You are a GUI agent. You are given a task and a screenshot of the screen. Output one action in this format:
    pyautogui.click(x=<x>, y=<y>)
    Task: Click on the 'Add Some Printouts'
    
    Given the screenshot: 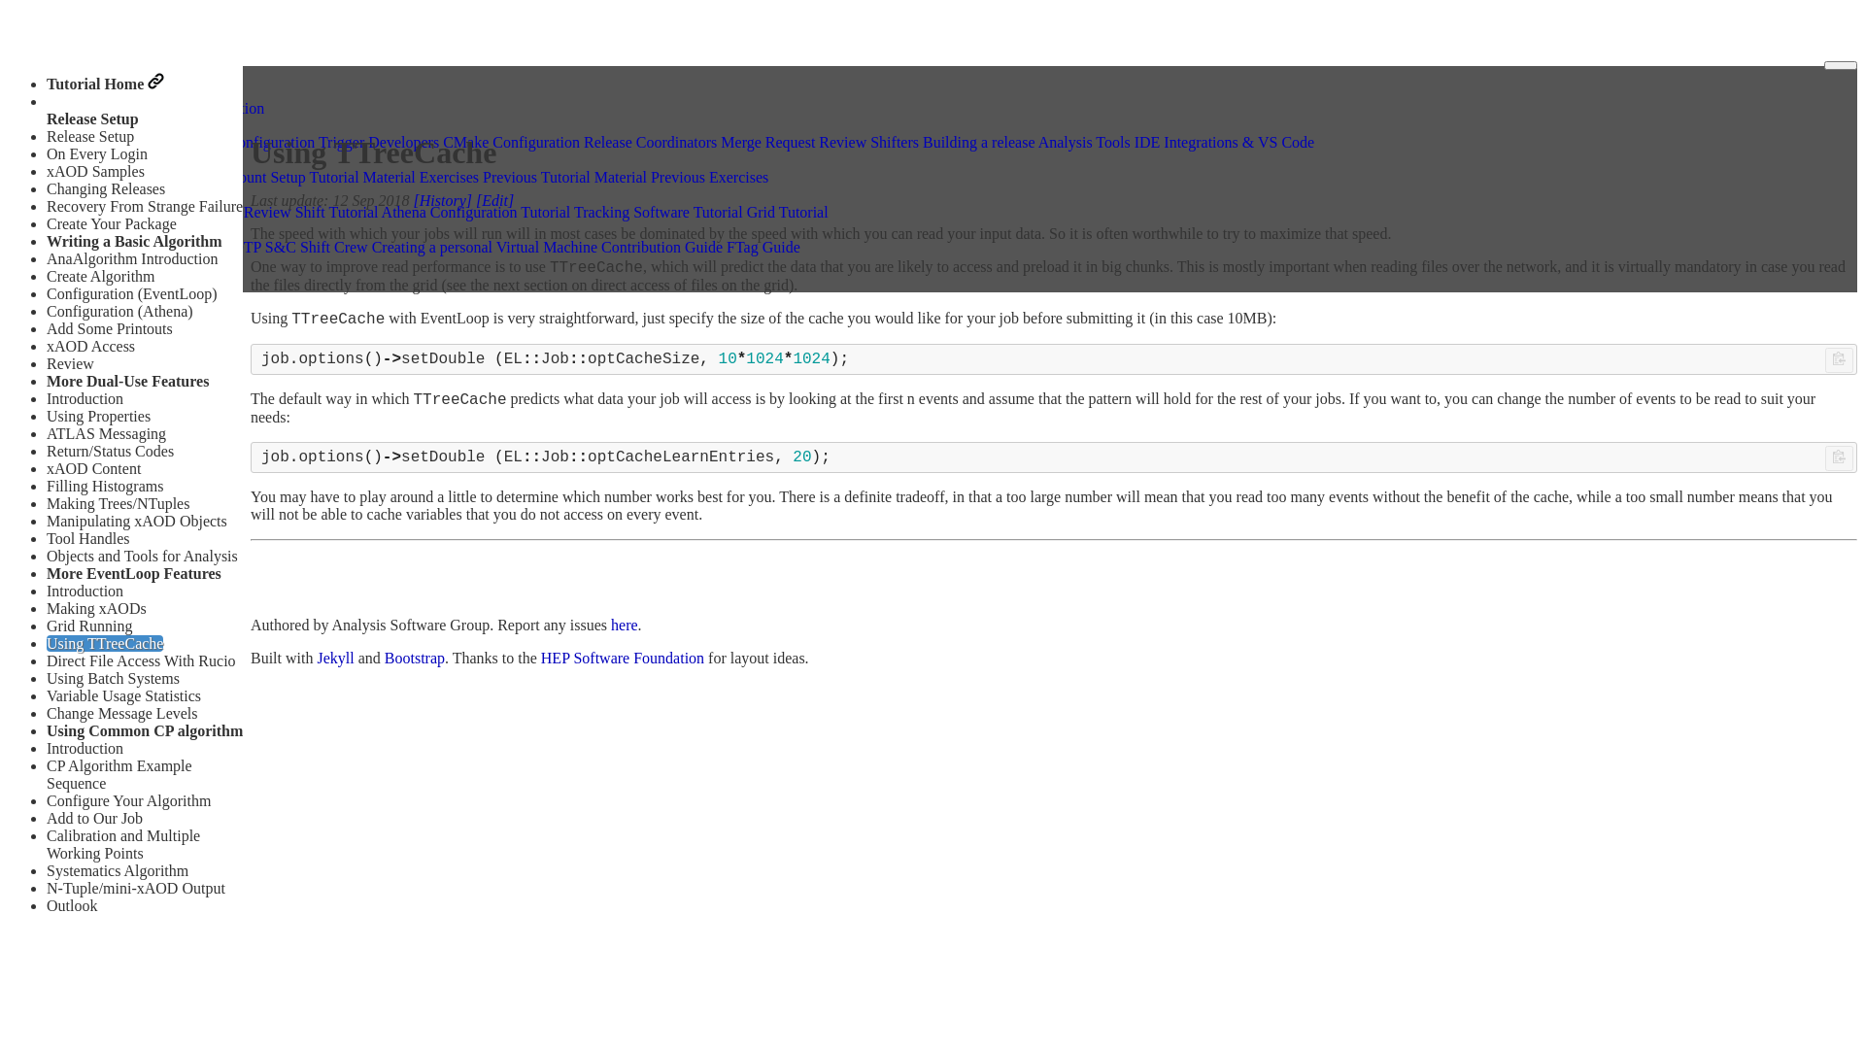 What is the action you would take?
    pyautogui.click(x=109, y=327)
    